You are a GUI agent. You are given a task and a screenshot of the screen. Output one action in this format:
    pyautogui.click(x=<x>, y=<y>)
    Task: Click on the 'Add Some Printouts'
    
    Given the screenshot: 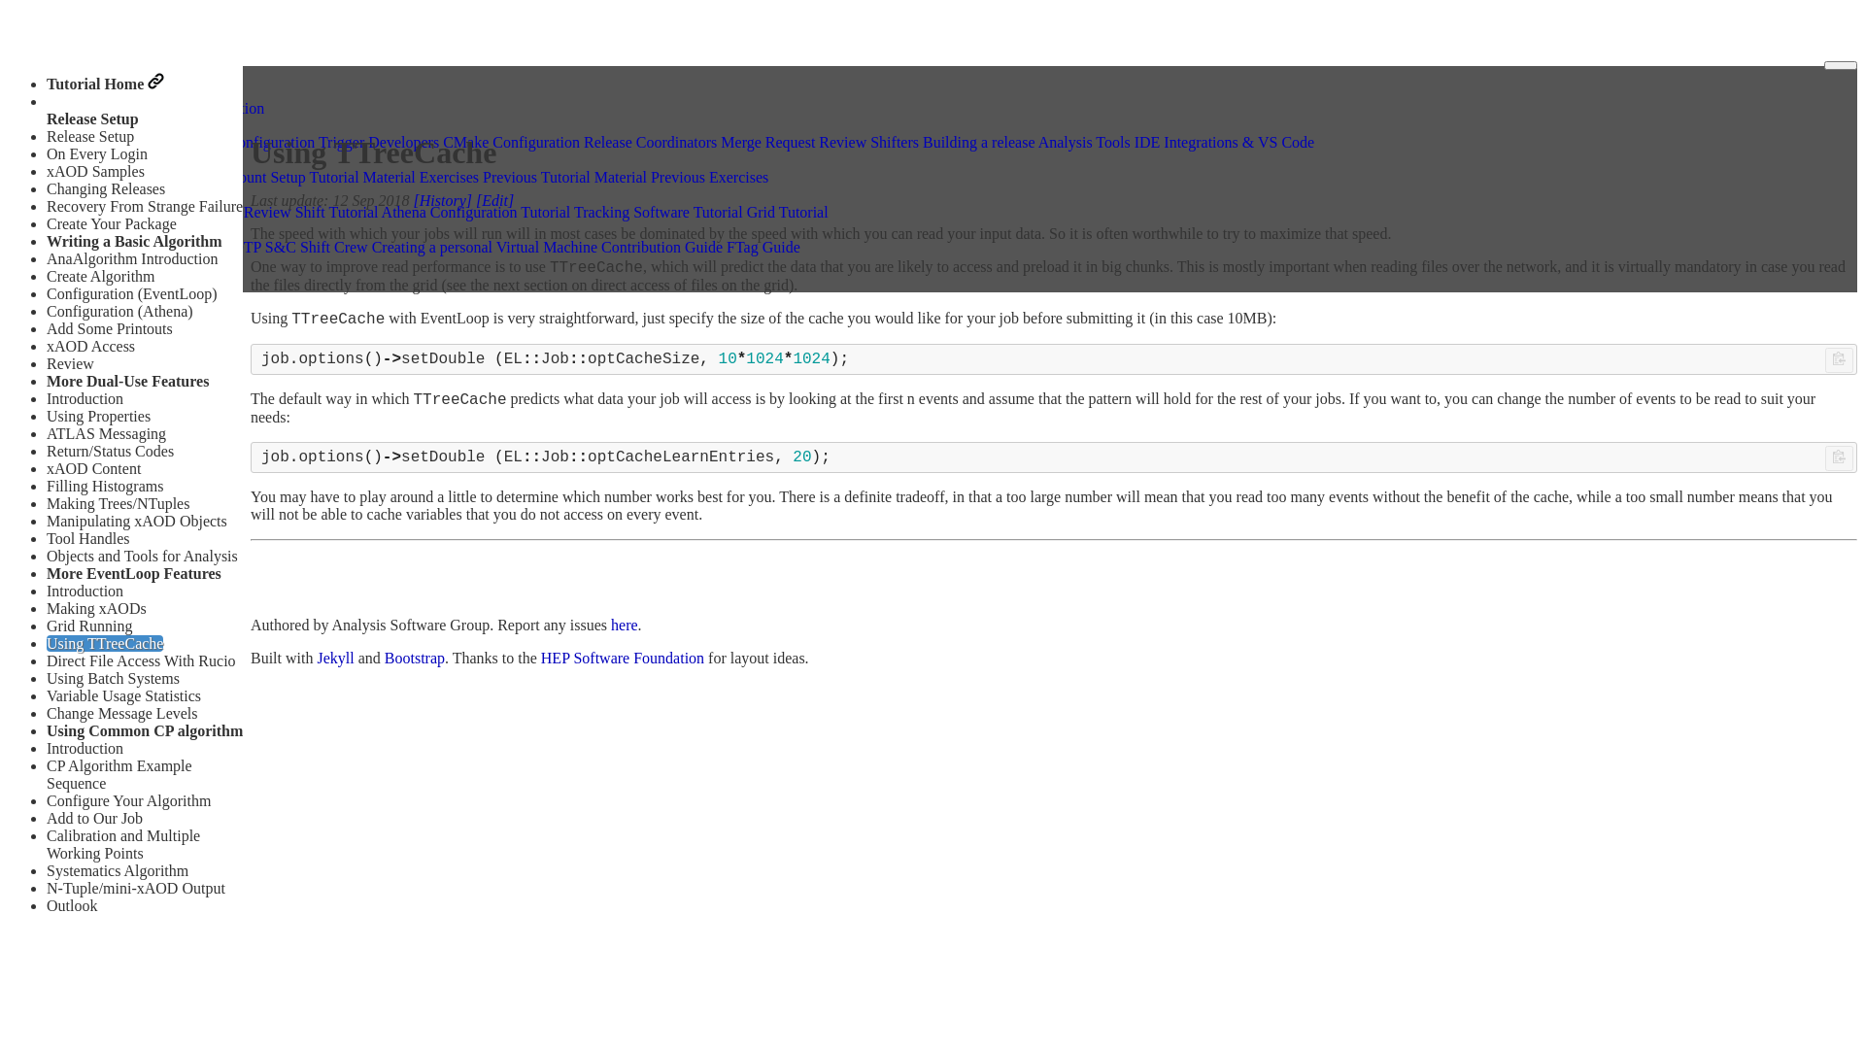 What is the action you would take?
    pyautogui.click(x=109, y=327)
    